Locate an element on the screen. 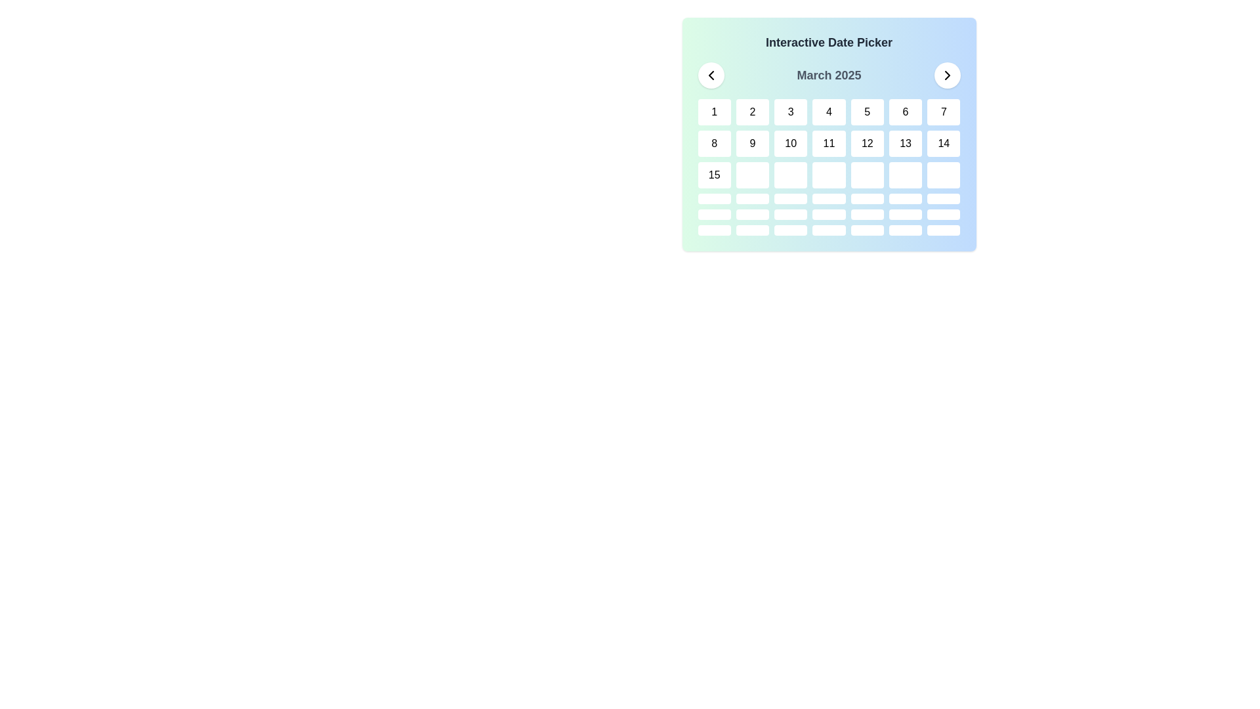  the inactive date selection button located in the last row of the calendar interface, specifically the sixth button in that row, to focus or interact with it is located at coordinates (905, 230).